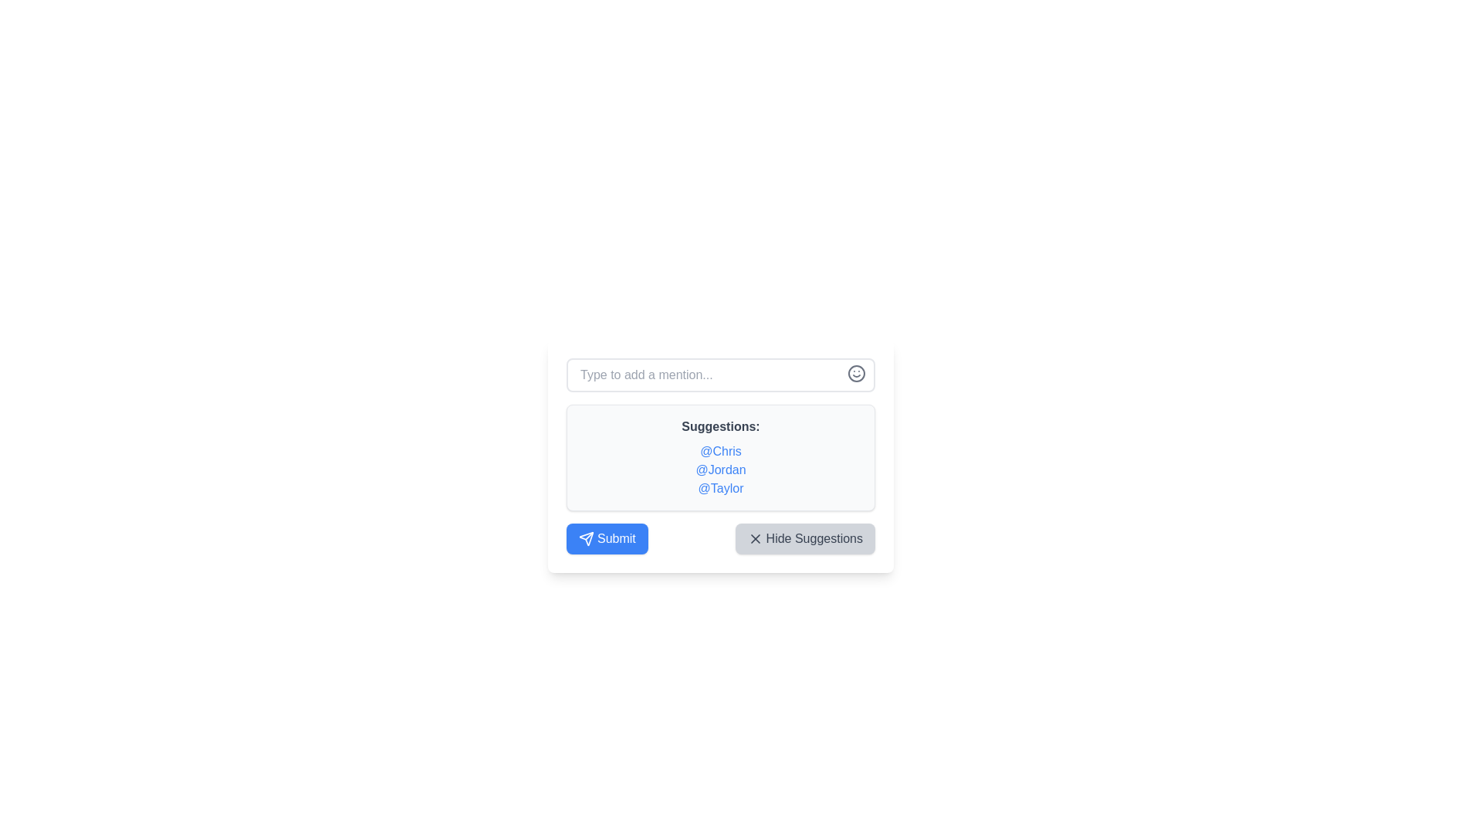  Describe the element at coordinates (755, 538) in the screenshot. I see `the cross icon (×) within the 'Hide Suggestions' button located in the bottom-right corner of the suggestion box to hide the suggestions` at that location.